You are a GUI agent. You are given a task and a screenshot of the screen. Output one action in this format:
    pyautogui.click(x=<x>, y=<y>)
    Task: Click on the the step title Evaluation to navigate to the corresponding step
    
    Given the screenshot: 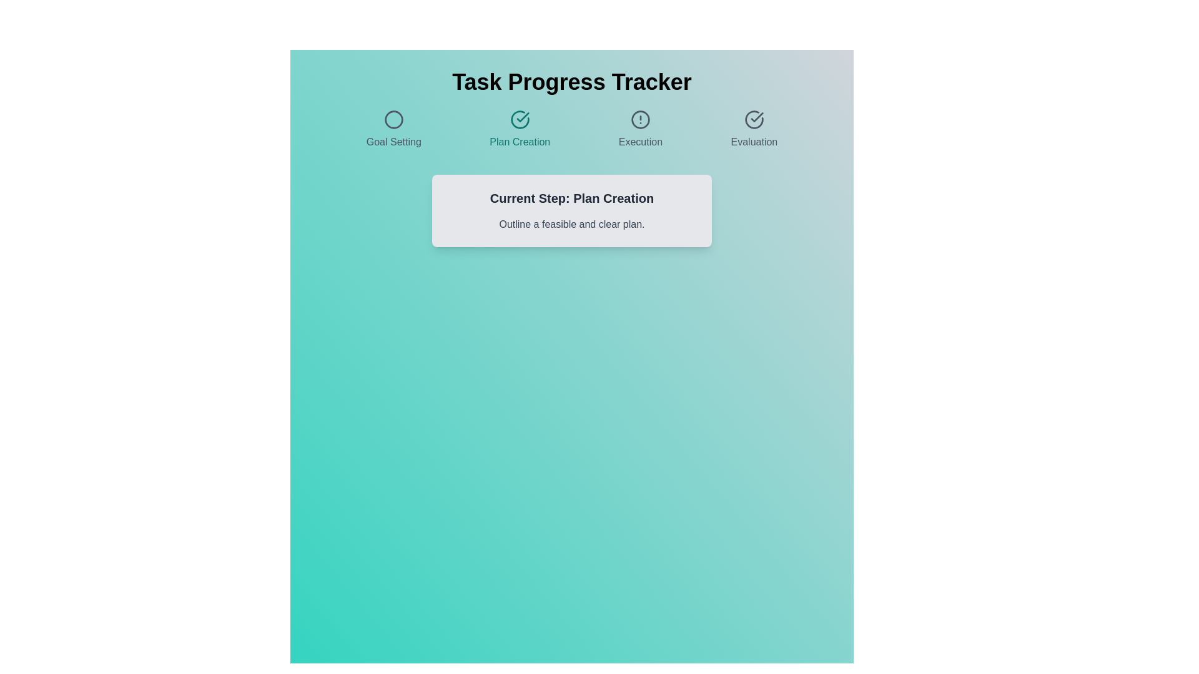 What is the action you would take?
    pyautogui.click(x=753, y=130)
    